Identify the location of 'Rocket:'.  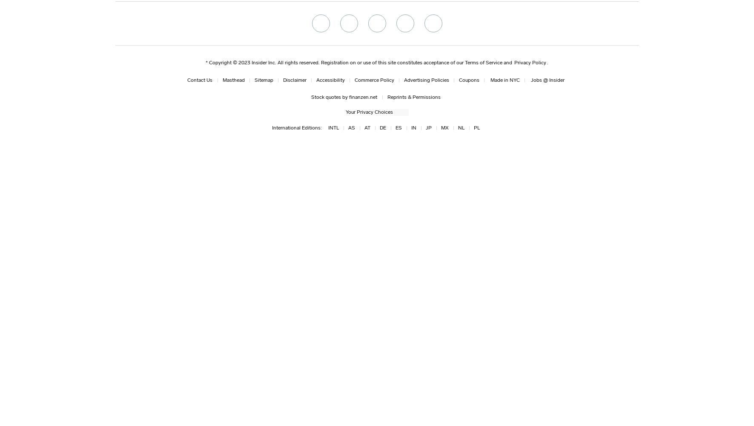
(133, 66).